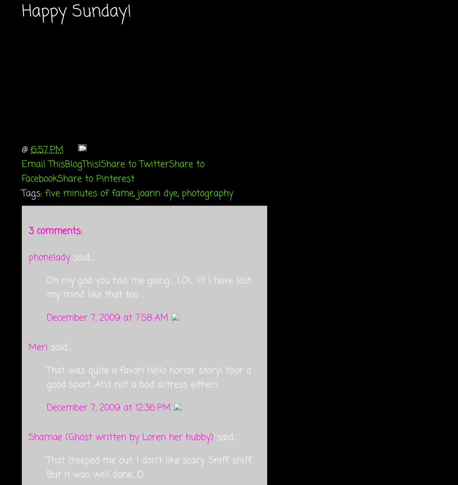  I want to click on 'BlogThis!', so click(83, 163).